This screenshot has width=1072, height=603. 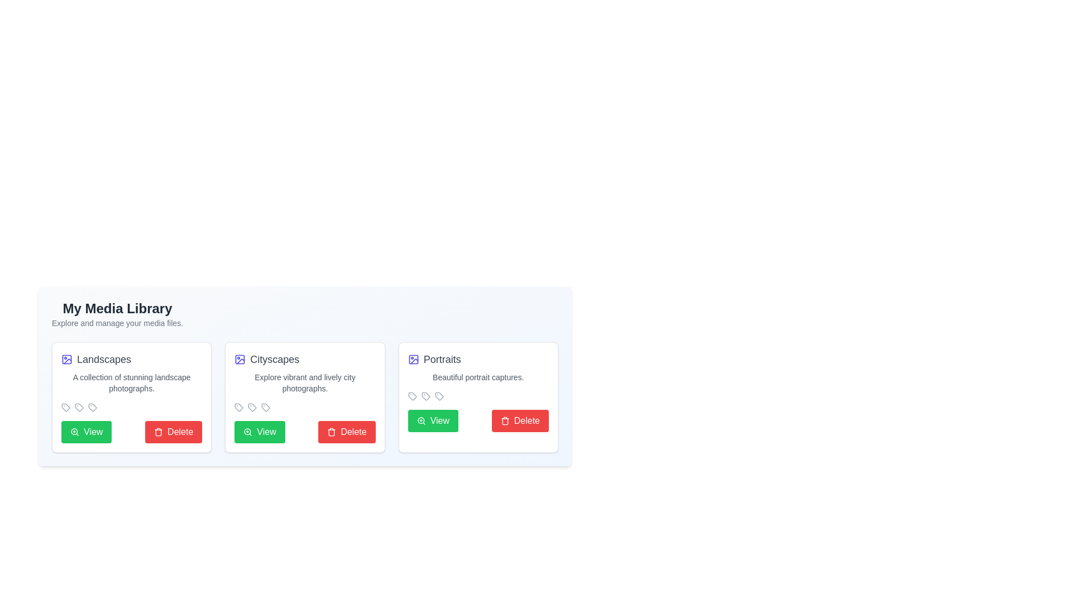 I want to click on the 'Delete' button on the Portraits card component, which is the third card in a grid layout and located in the rightmost column, so click(x=478, y=397).